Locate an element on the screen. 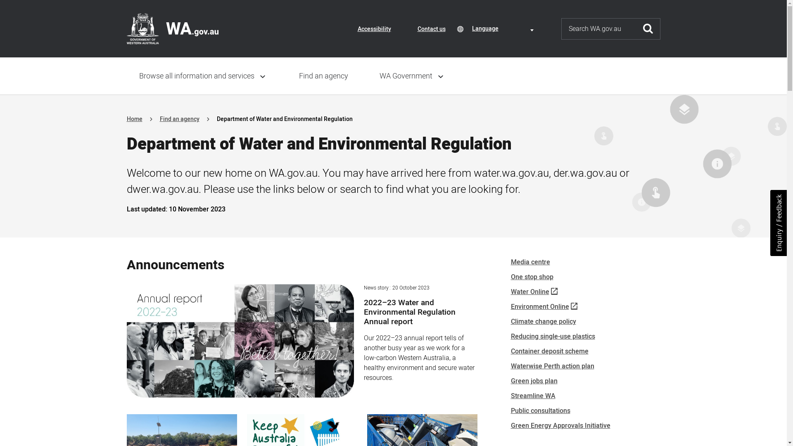  'Public consultations' is located at coordinates (540, 411).